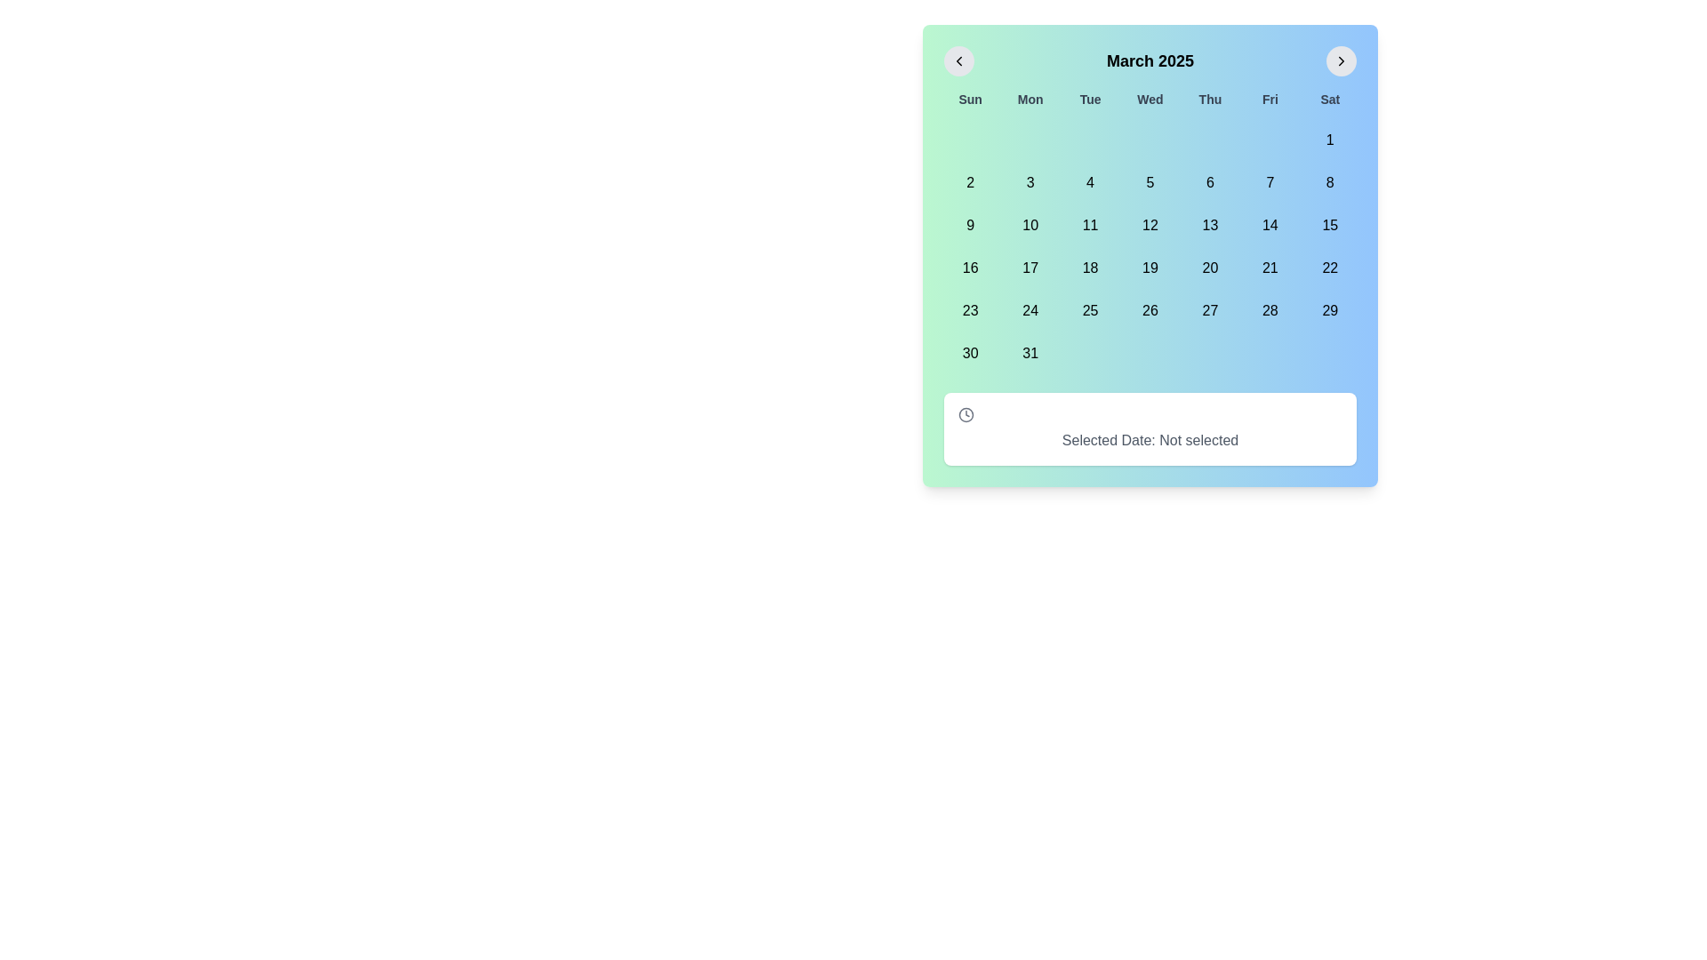 This screenshot has width=1707, height=960. What do you see at coordinates (1150, 310) in the screenshot?
I see `the button labeled '26' in the calendar grid` at bounding box center [1150, 310].